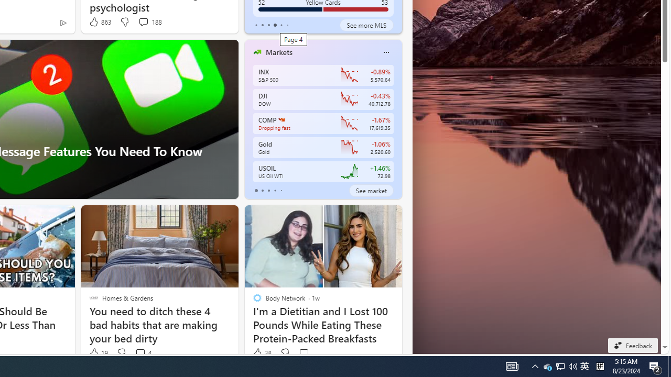  I want to click on '38 Like', so click(262, 353).